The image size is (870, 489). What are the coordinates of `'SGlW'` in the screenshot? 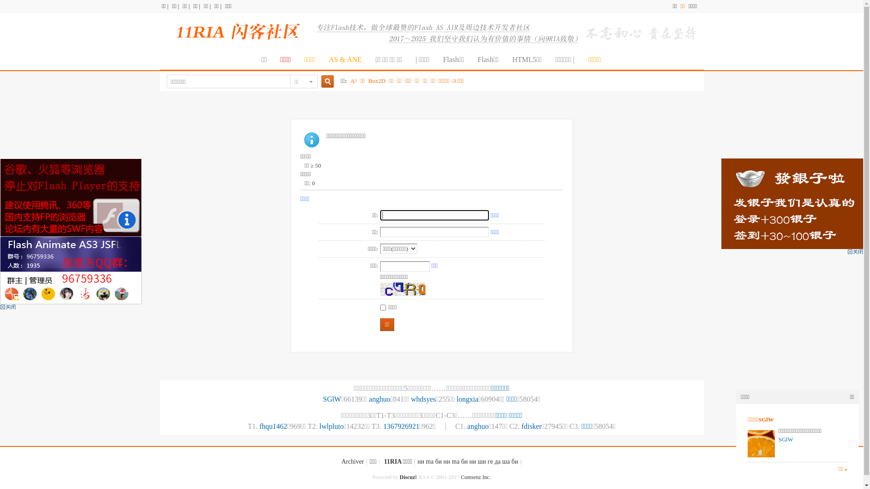 It's located at (332, 398).